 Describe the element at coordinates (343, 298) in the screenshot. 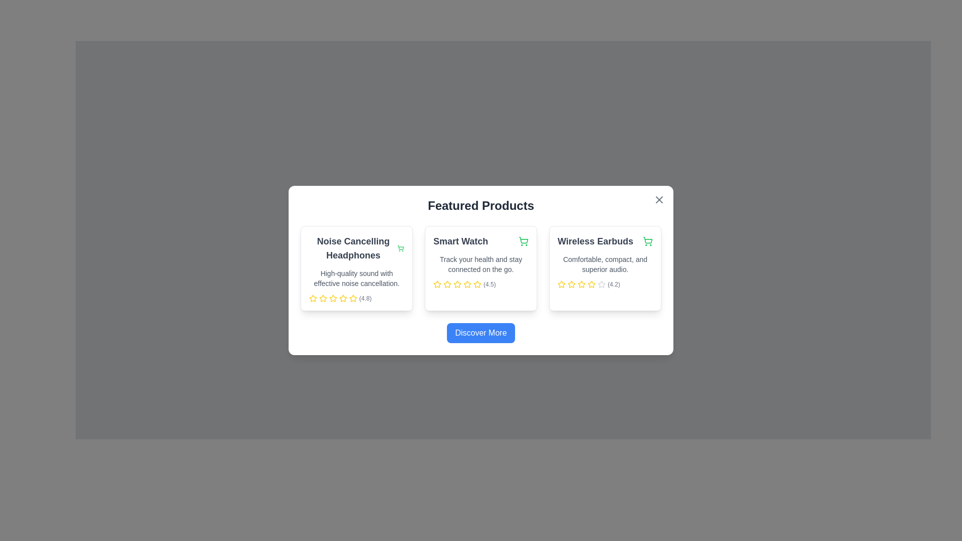

I see `the second star icon in the five-star rating row for the 'Noise Cancelling Headphones' card` at that location.